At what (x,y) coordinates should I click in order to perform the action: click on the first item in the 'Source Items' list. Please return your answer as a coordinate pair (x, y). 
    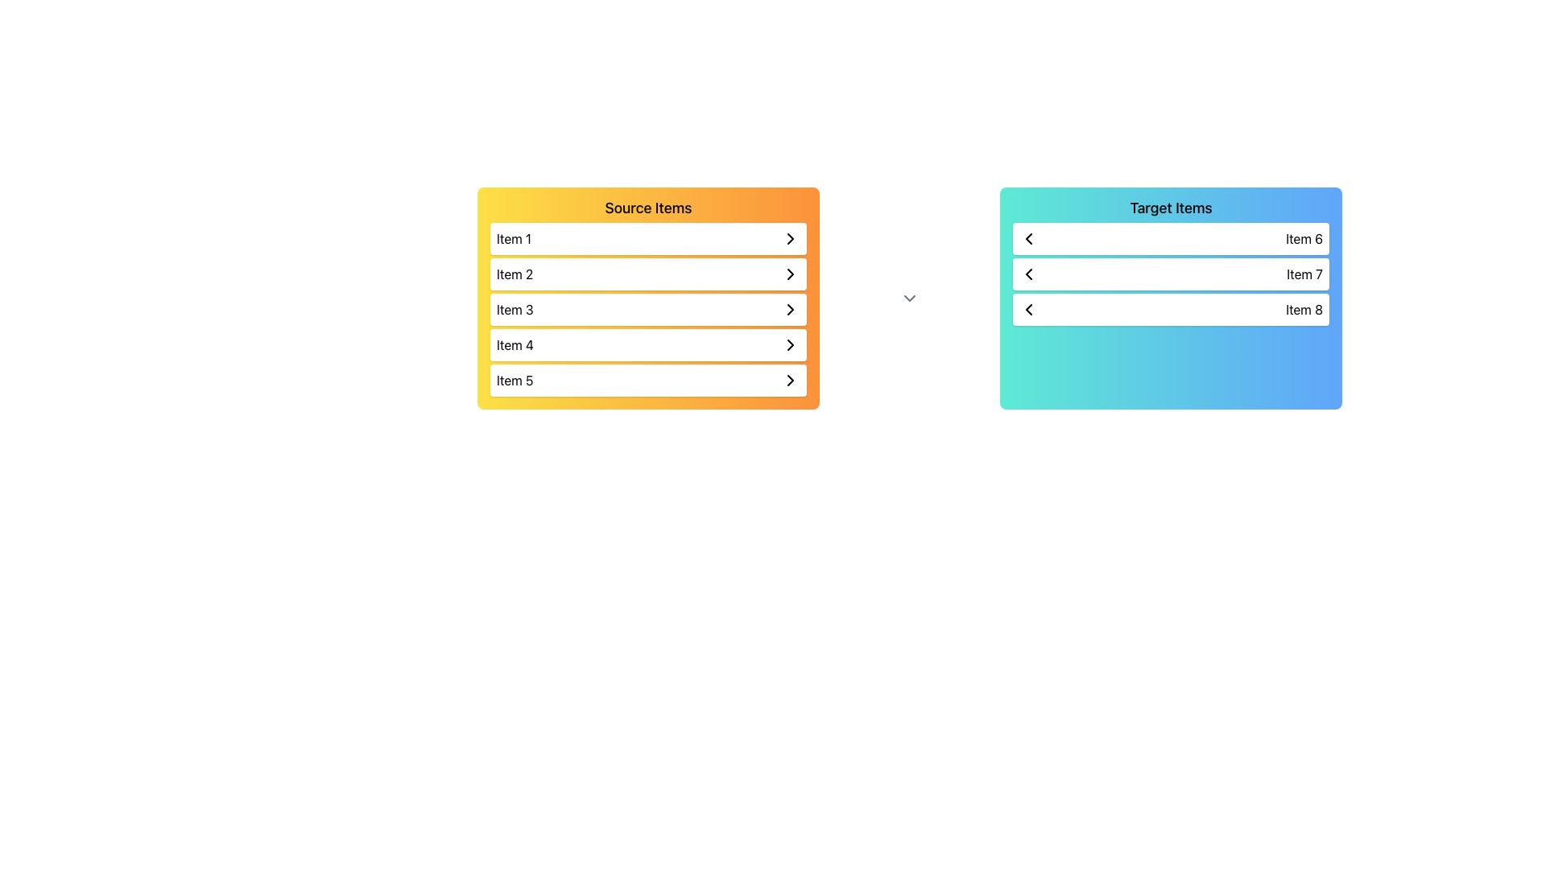
    Looking at the image, I should click on (648, 239).